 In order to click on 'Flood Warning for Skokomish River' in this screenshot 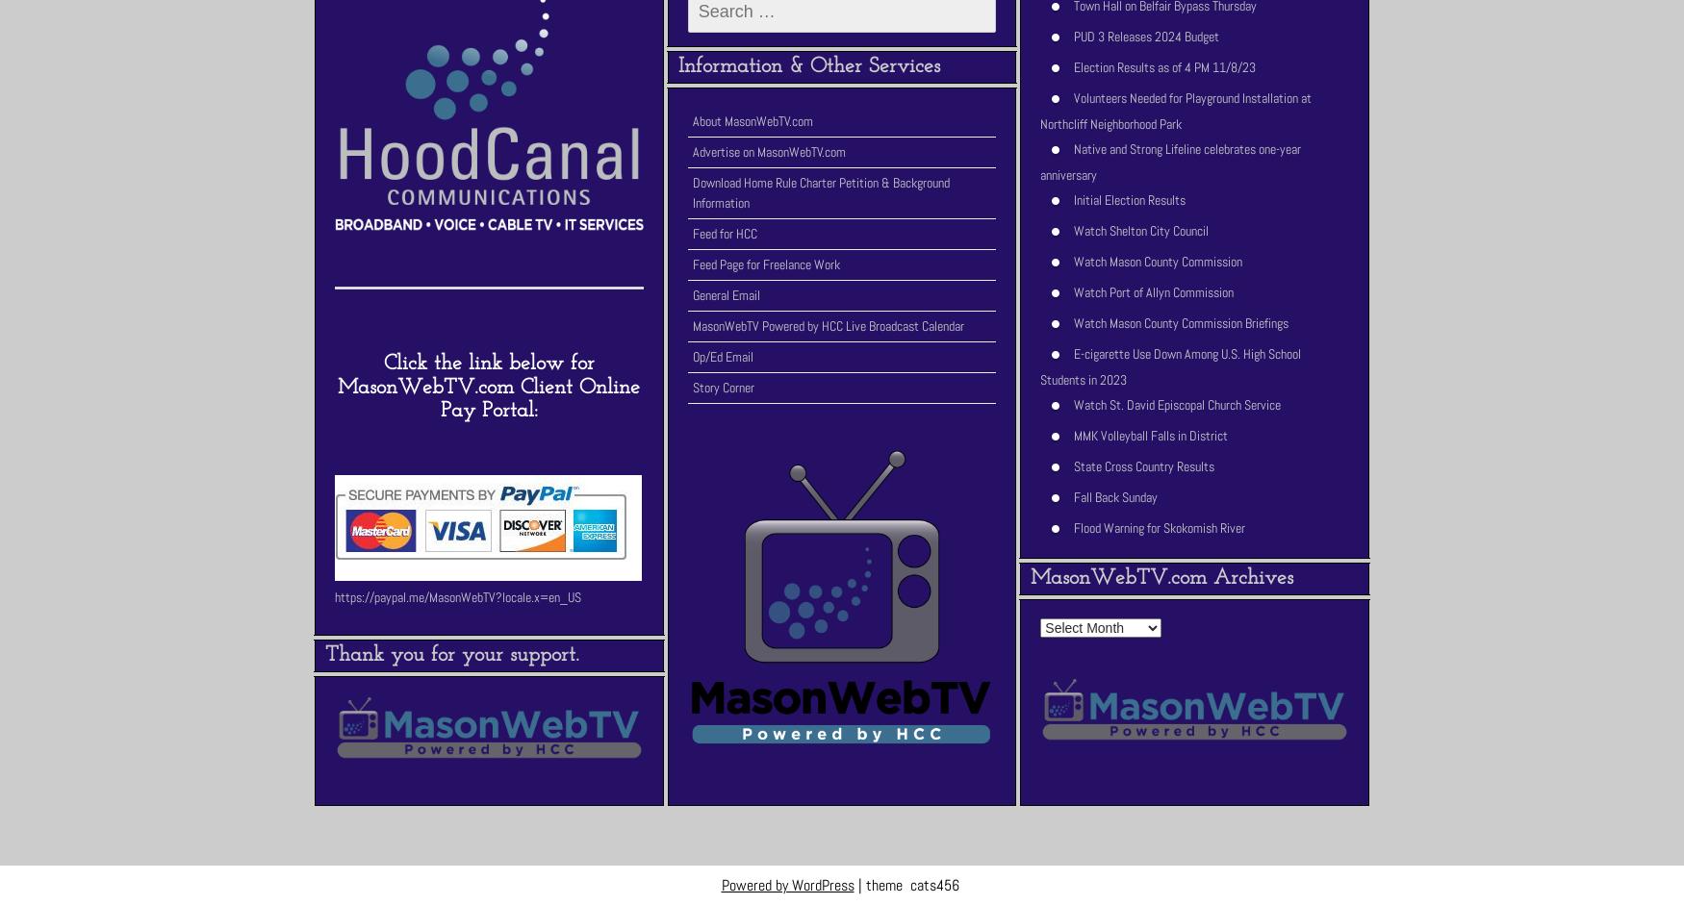, I will do `click(1160, 527)`.